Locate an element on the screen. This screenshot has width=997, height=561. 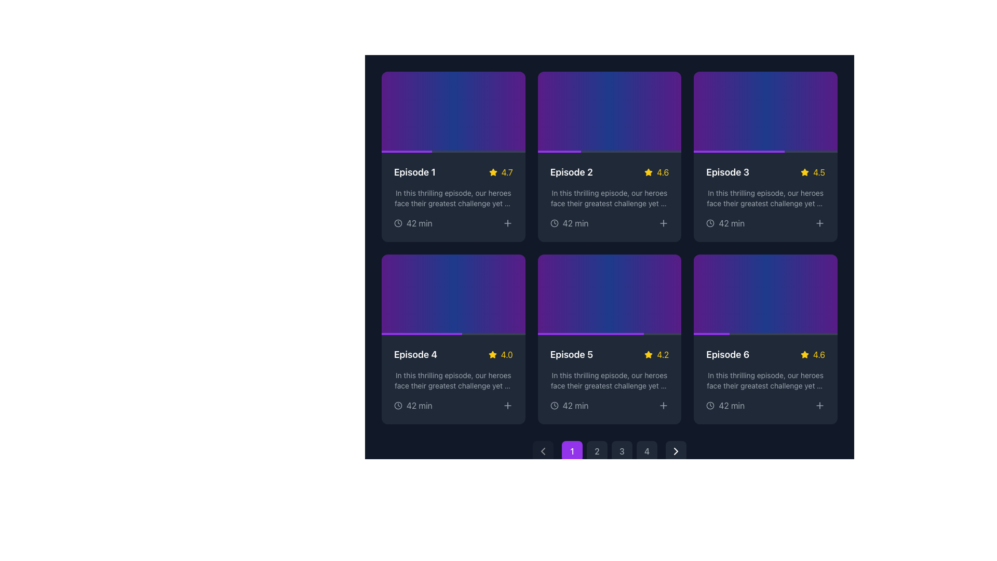
the Icon (Chevron Right) located at the bottom-right corner of the interface is located at coordinates (676, 450).